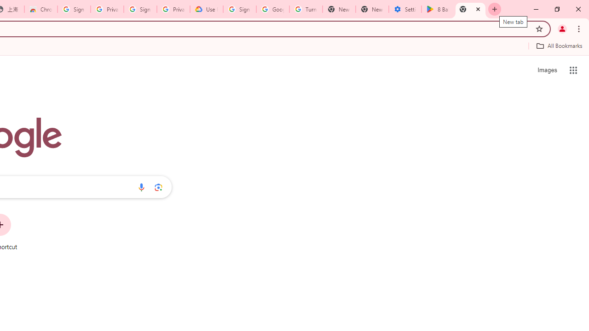 This screenshot has height=331, width=589. What do you see at coordinates (547, 70) in the screenshot?
I see `'Search for Images '` at bounding box center [547, 70].